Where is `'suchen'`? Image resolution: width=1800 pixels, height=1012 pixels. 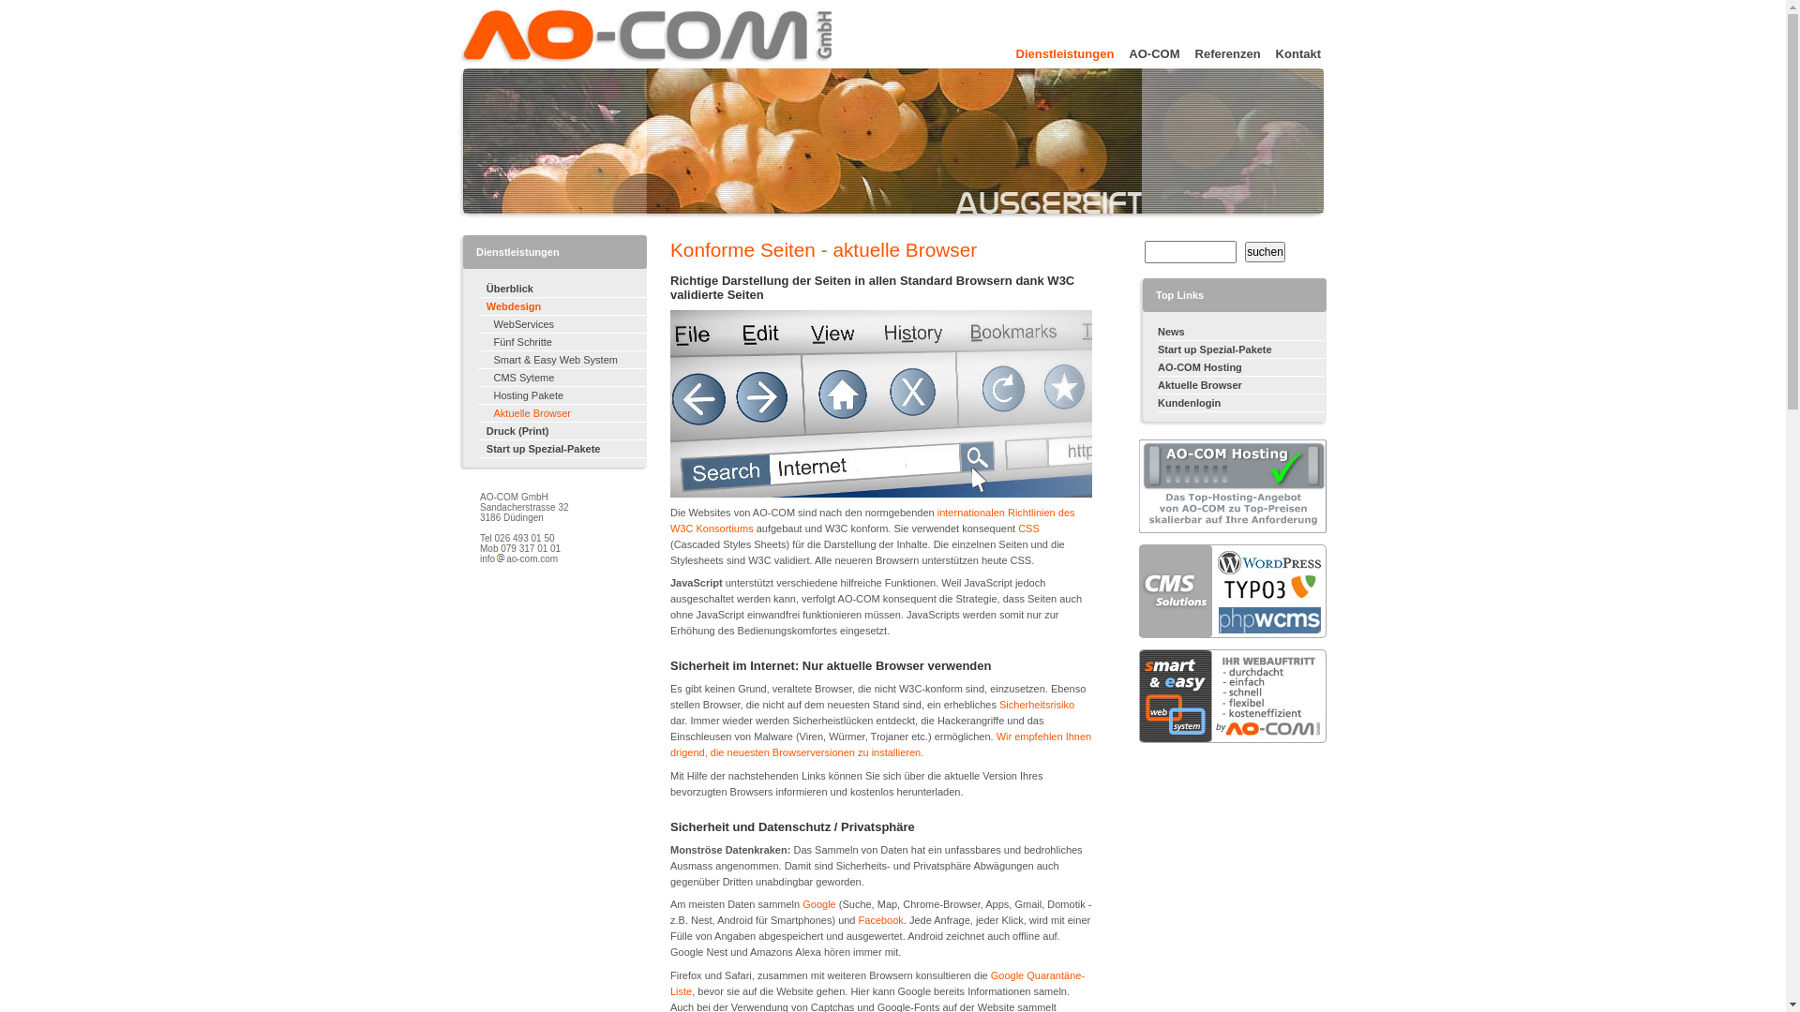 'suchen' is located at coordinates (1265, 251).